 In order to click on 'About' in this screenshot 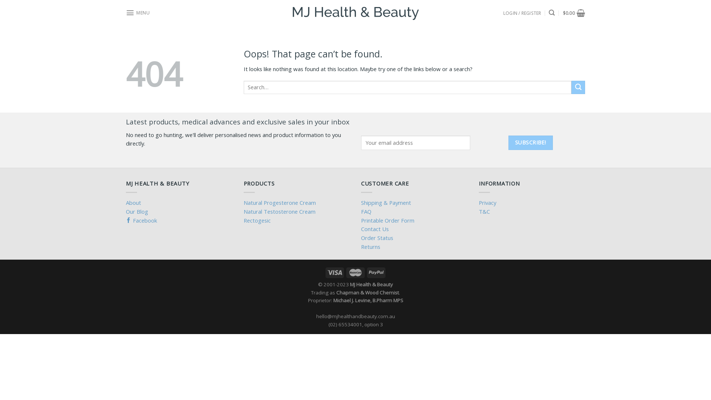, I will do `click(133, 203)`.